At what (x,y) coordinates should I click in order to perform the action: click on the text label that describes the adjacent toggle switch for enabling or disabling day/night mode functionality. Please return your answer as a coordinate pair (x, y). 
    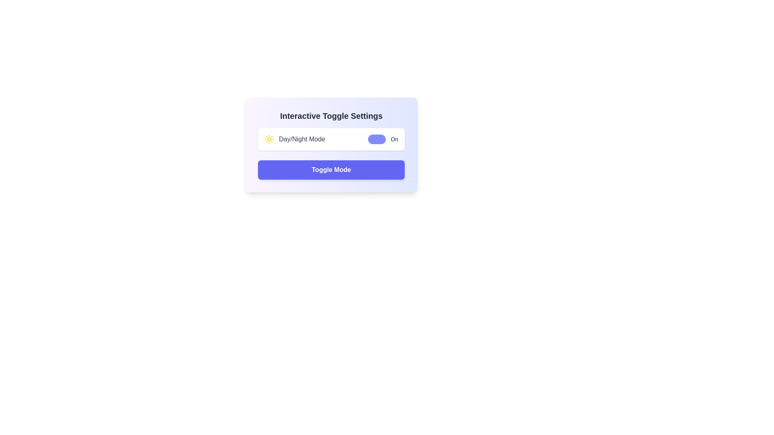
    Looking at the image, I should click on (302, 139).